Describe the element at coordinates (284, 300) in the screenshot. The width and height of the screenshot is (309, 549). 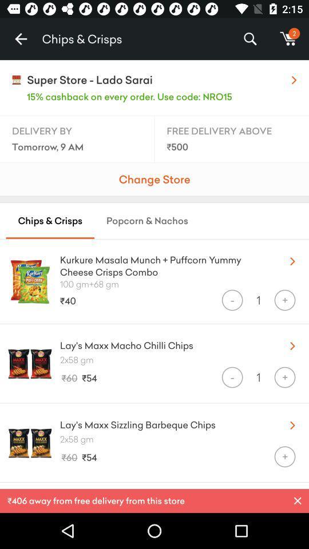
I see `the icon to the right of 1 item` at that location.